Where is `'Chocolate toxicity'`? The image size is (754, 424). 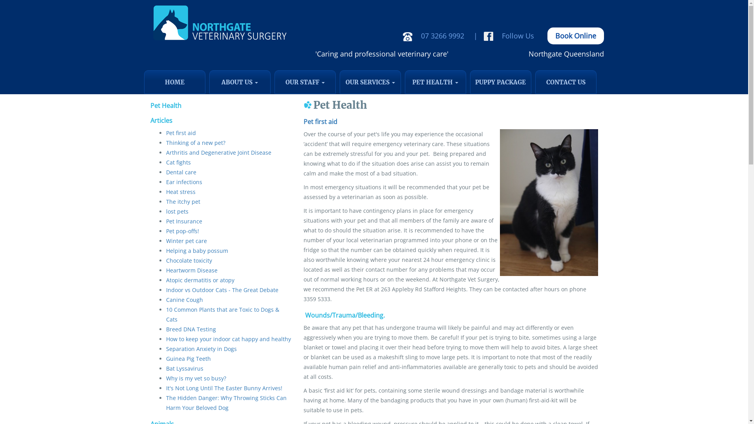
'Chocolate toxicity' is located at coordinates (188, 260).